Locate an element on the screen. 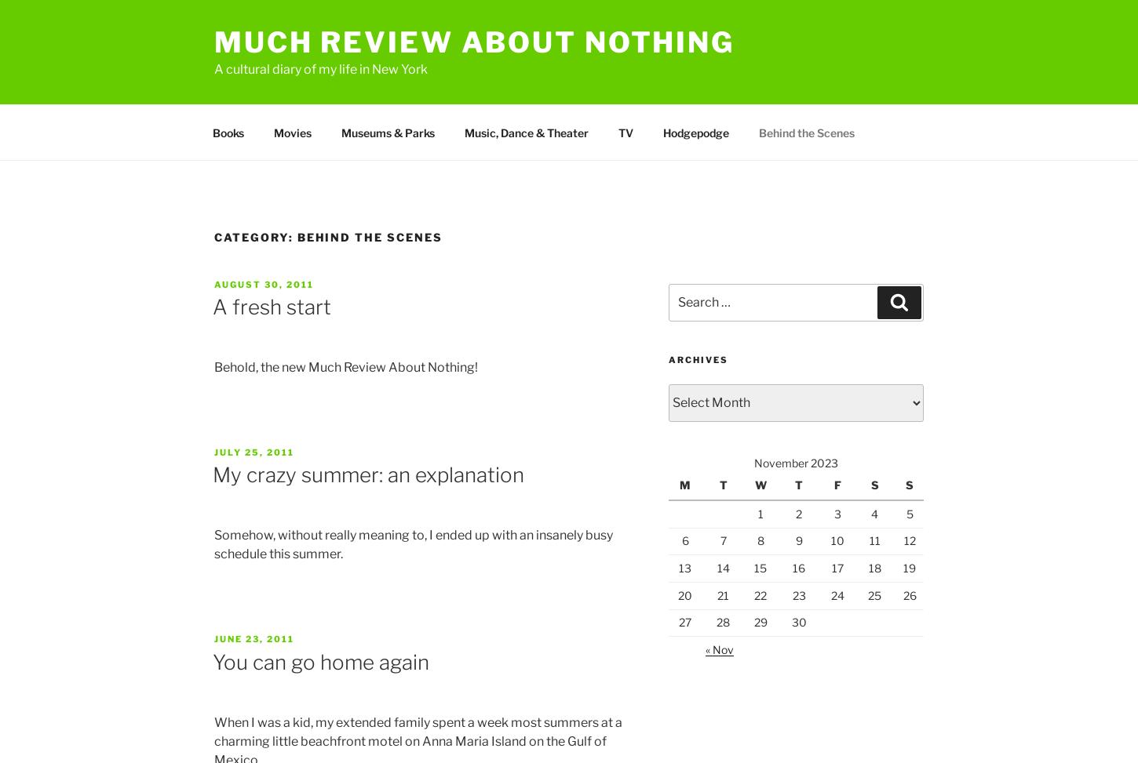  '9' is located at coordinates (798, 540).